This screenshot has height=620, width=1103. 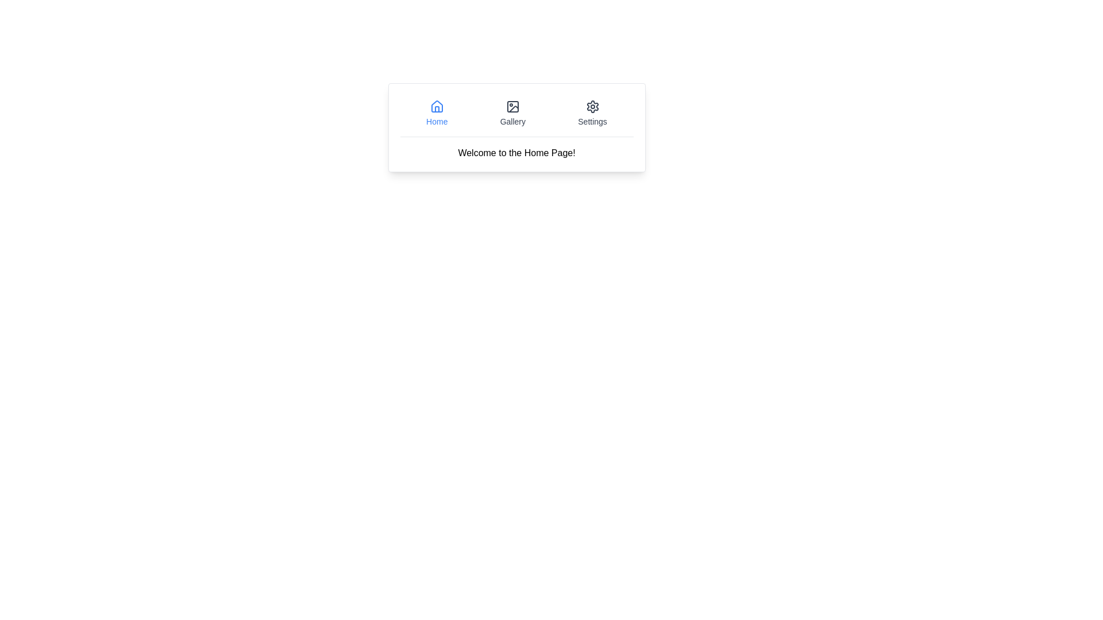 I want to click on text content of the label located under the home icon, positioned to the left of the 'Gallery' and 'Settings' labels, so click(x=436, y=122).